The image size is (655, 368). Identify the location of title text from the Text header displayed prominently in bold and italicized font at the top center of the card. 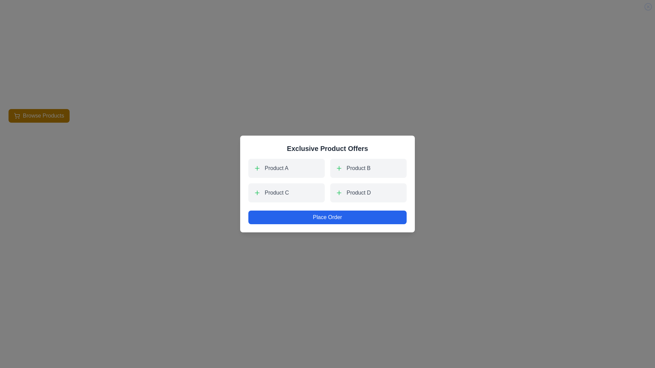
(327, 148).